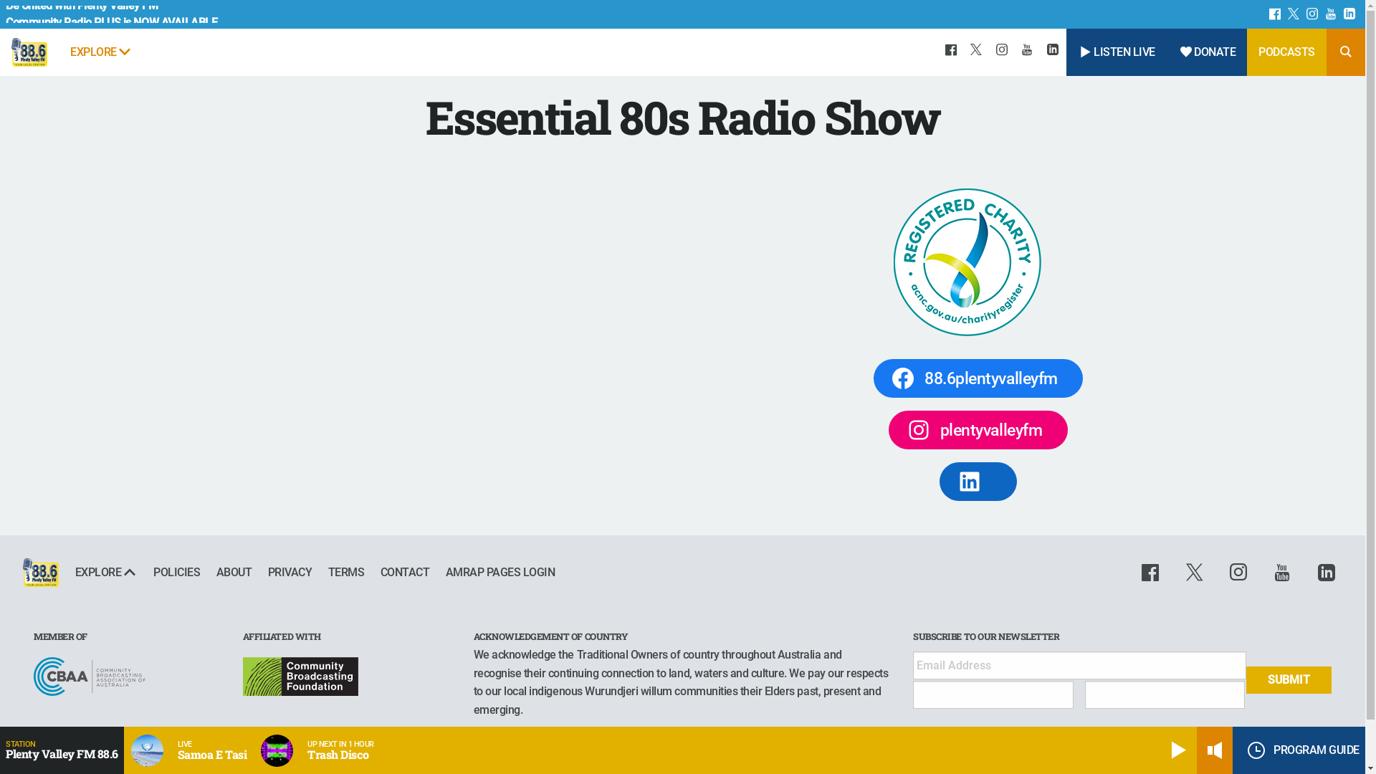 This screenshot has width=1376, height=774. Describe the element at coordinates (234, 571) in the screenshot. I see `'ABOUT'` at that location.